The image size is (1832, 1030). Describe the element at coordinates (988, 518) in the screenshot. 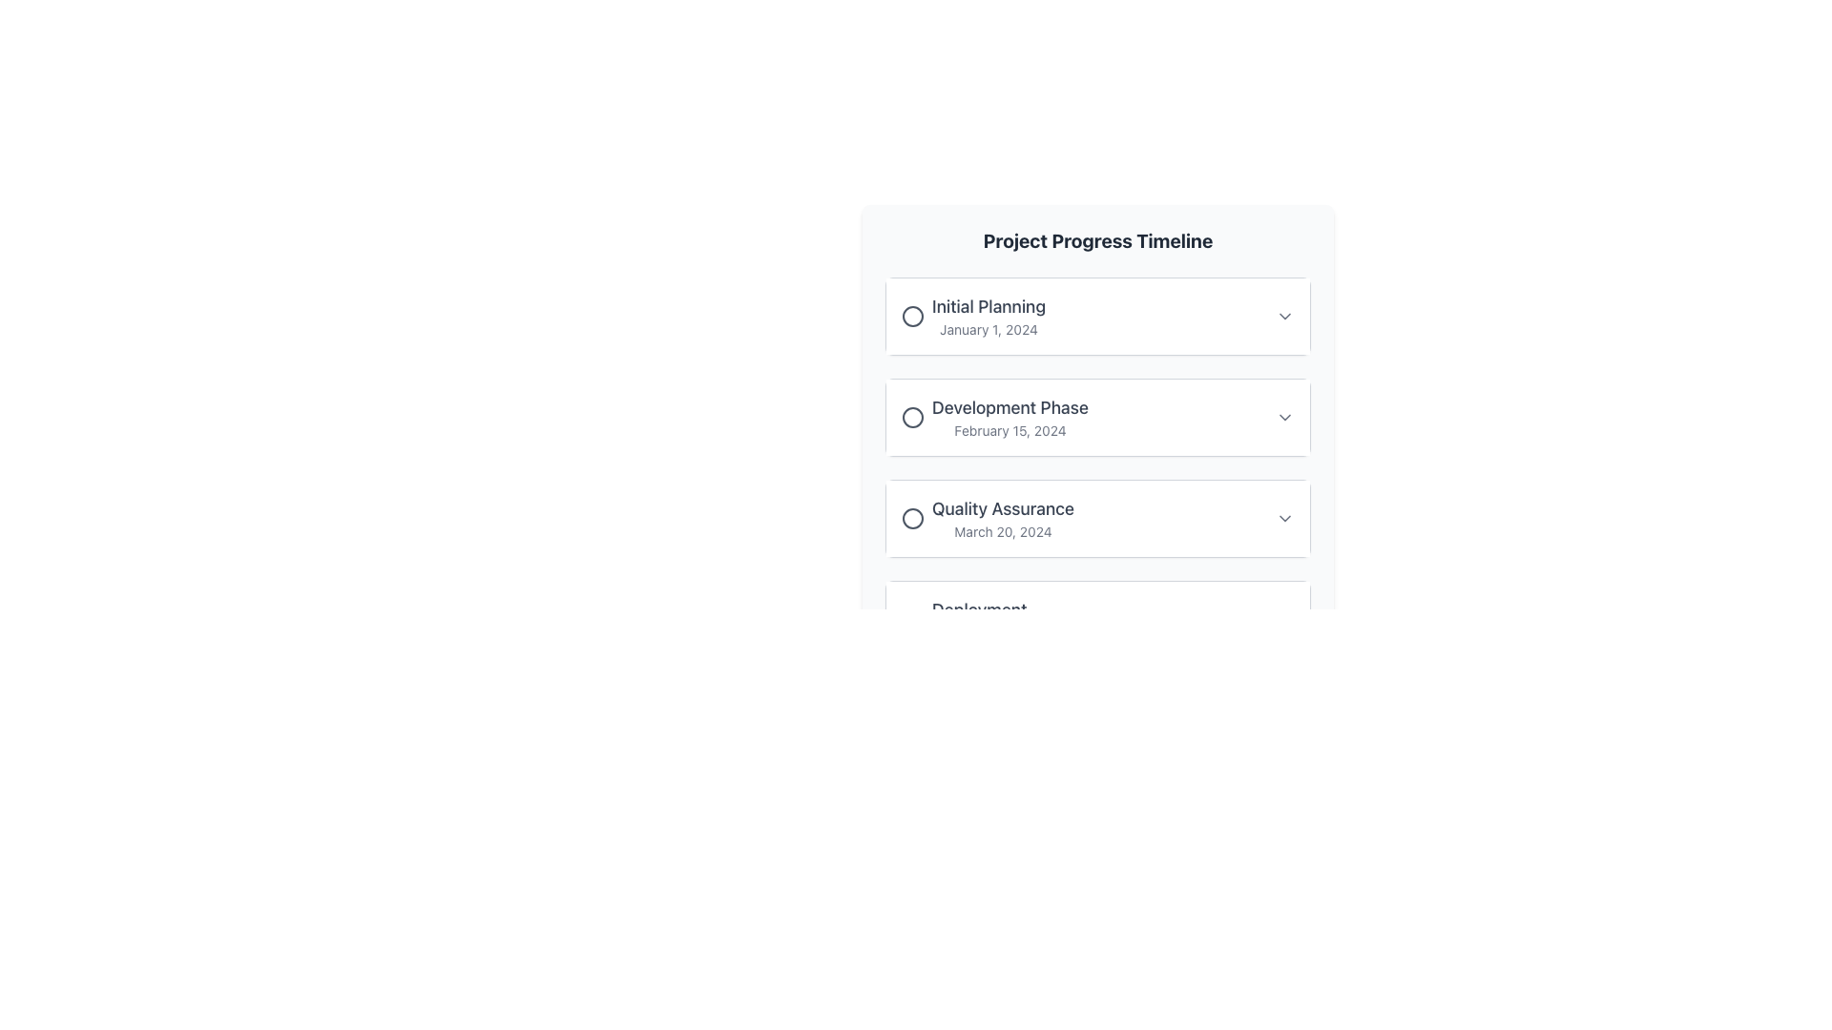

I see `the 'Quality Assurance' milestone item in the timeline` at that location.